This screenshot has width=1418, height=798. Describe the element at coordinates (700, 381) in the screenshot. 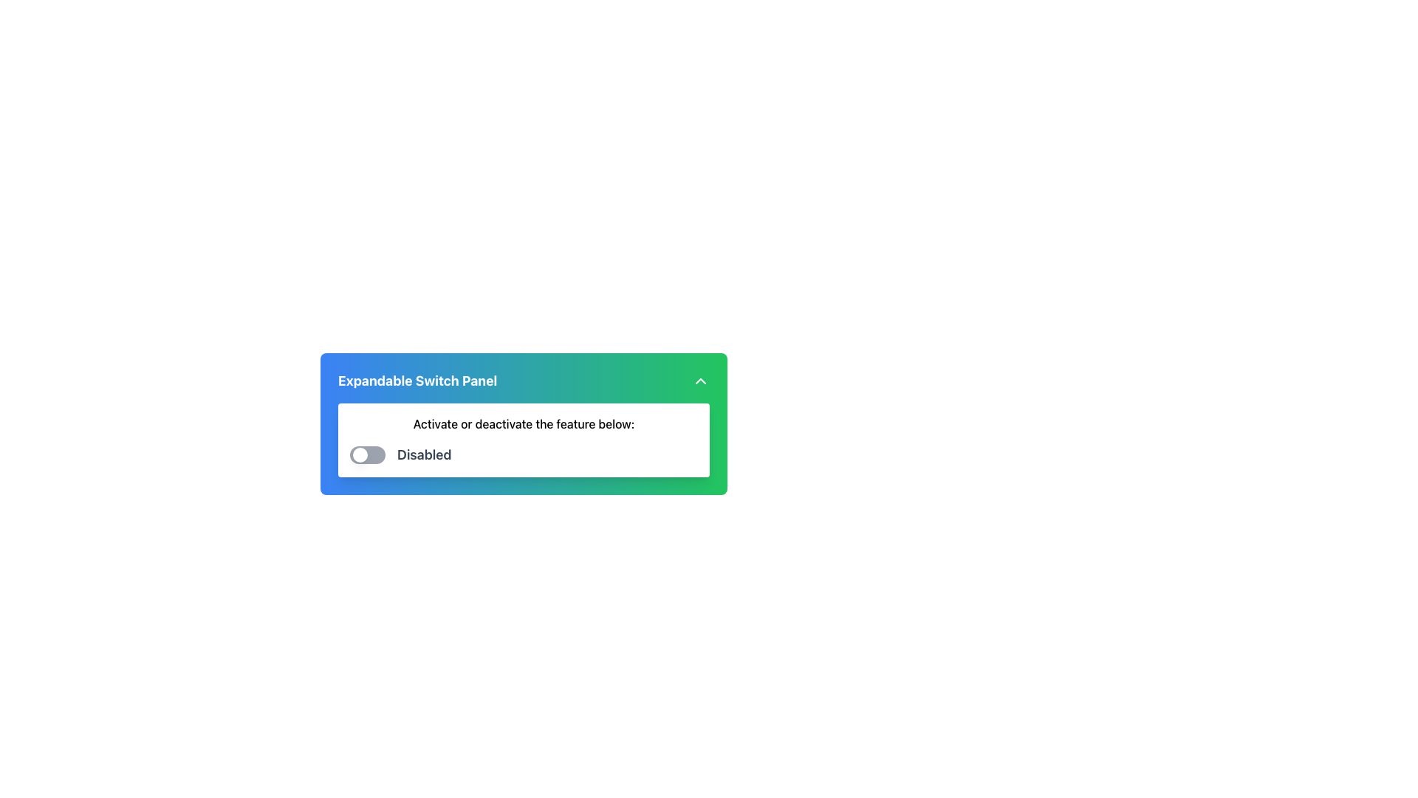

I see `the Chevron-Up icon located in the top-right corner of the 'Expandable Switch Panel' section` at that location.